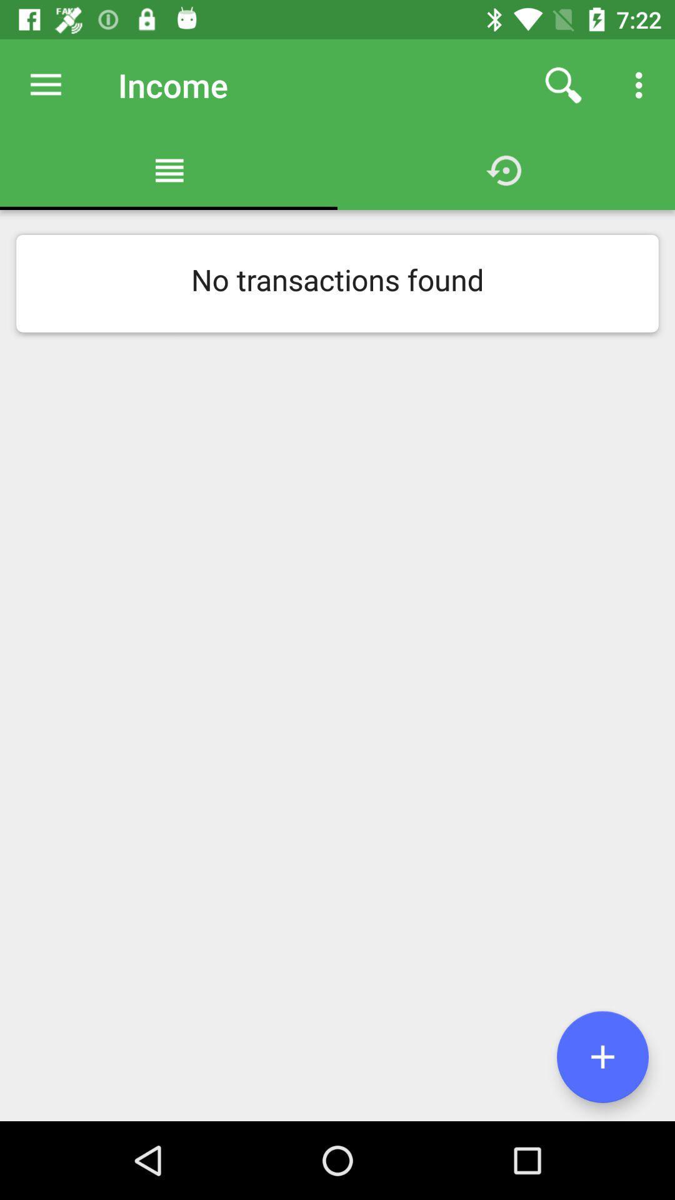  What do you see at coordinates (45, 84) in the screenshot?
I see `the icon to the left of income item` at bounding box center [45, 84].